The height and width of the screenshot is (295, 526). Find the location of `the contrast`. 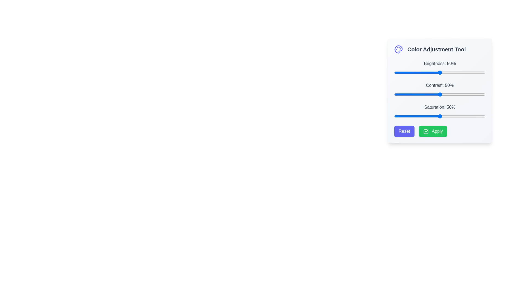

the contrast is located at coordinates (412, 94).